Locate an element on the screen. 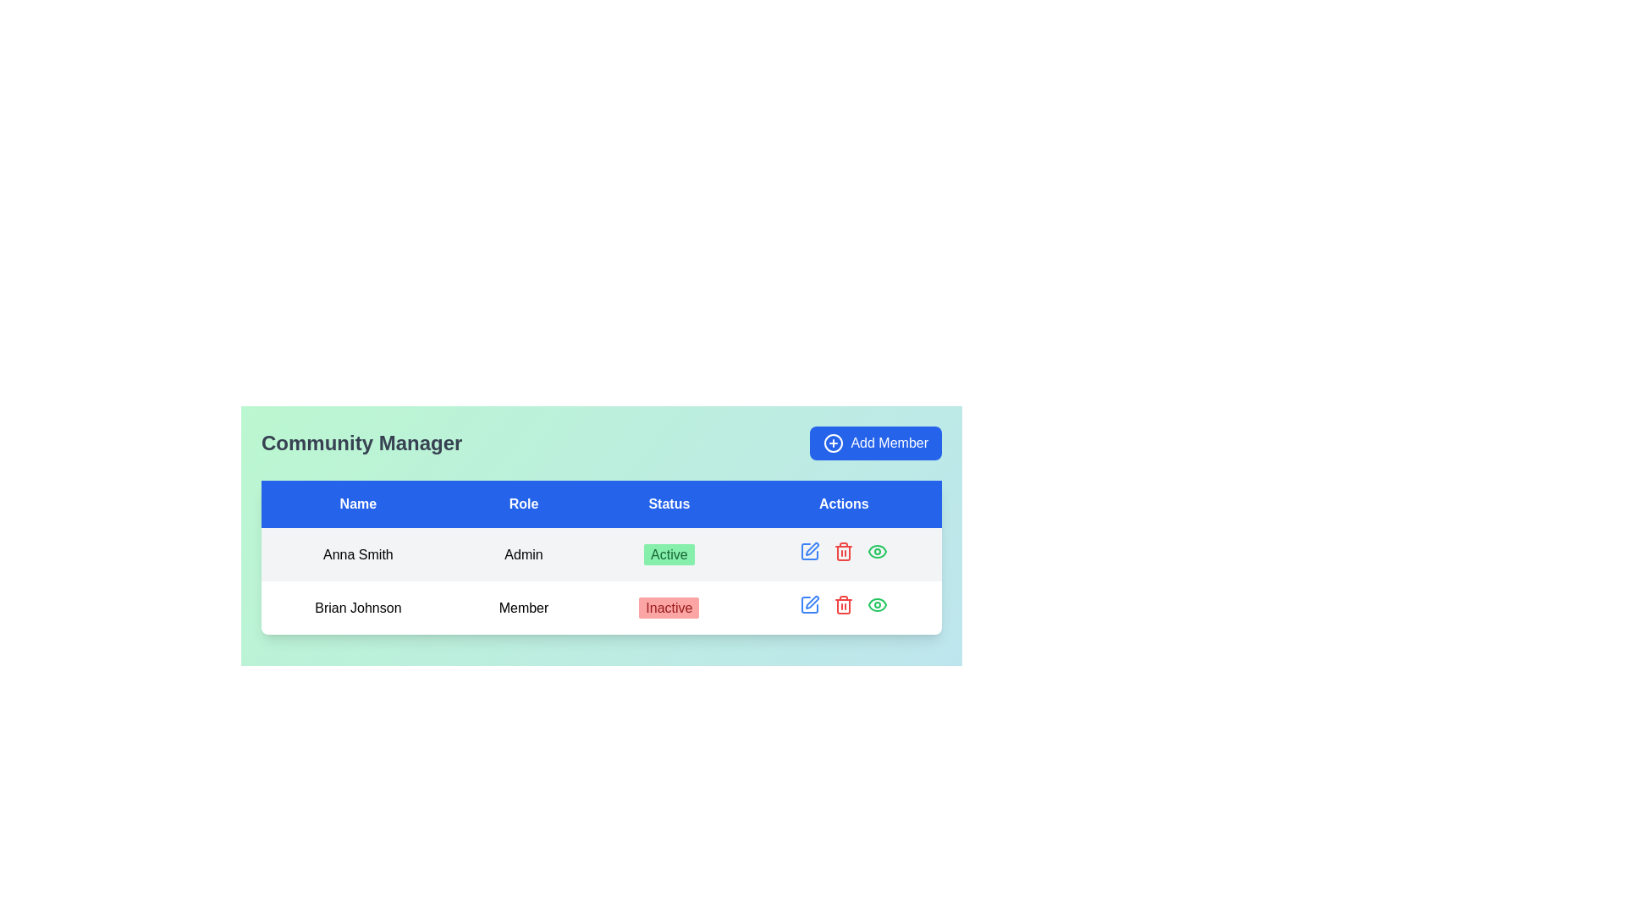 The height and width of the screenshot is (914, 1625). the text label representing the name of an individual in the second row of the table under the 'Community Manager' section is located at coordinates (357, 607).